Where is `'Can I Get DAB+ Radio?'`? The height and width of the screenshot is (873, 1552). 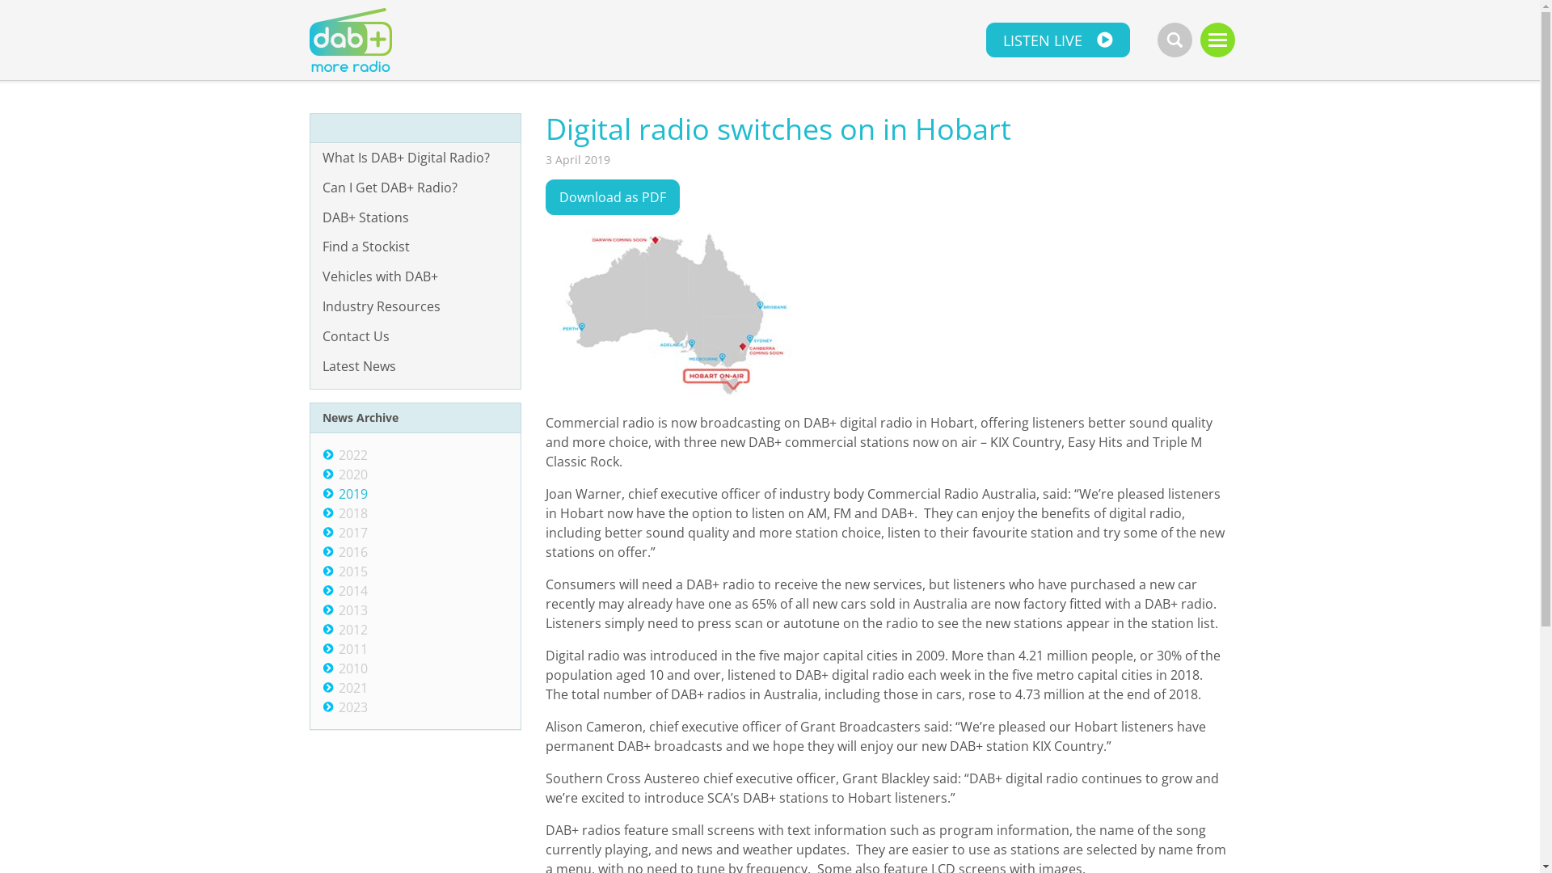
'Can I Get DAB+ Radio?' is located at coordinates (415, 187).